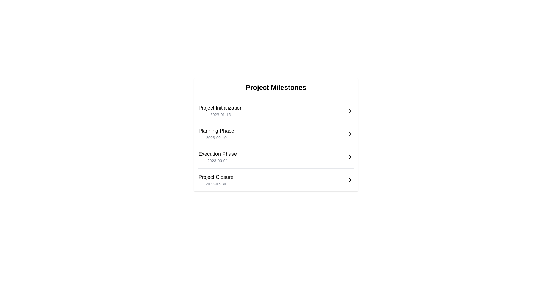 Image resolution: width=548 pixels, height=308 pixels. What do you see at coordinates (350, 134) in the screenshot?
I see `the rightward pointing chevron icon located at the right end of the 'Planning Phase' list item` at bounding box center [350, 134].